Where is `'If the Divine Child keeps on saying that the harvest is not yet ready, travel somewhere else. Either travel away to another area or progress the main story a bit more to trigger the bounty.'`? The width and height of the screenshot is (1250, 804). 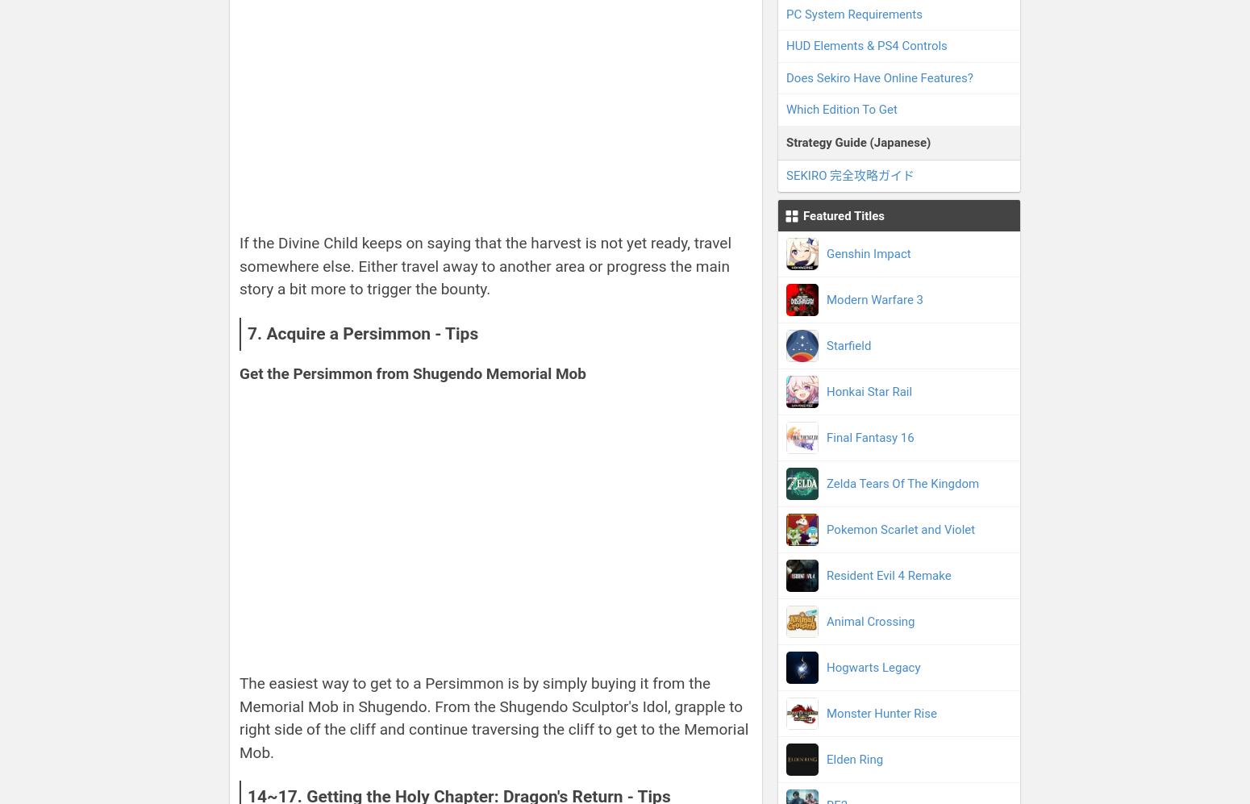
'If the Divine Child keeps on saying that the harvest is not yet ready, travel somewhere else. Either travel away to another area or progress the main story a bit more to trigger the bounty.' is located at coordinates (485, 265).